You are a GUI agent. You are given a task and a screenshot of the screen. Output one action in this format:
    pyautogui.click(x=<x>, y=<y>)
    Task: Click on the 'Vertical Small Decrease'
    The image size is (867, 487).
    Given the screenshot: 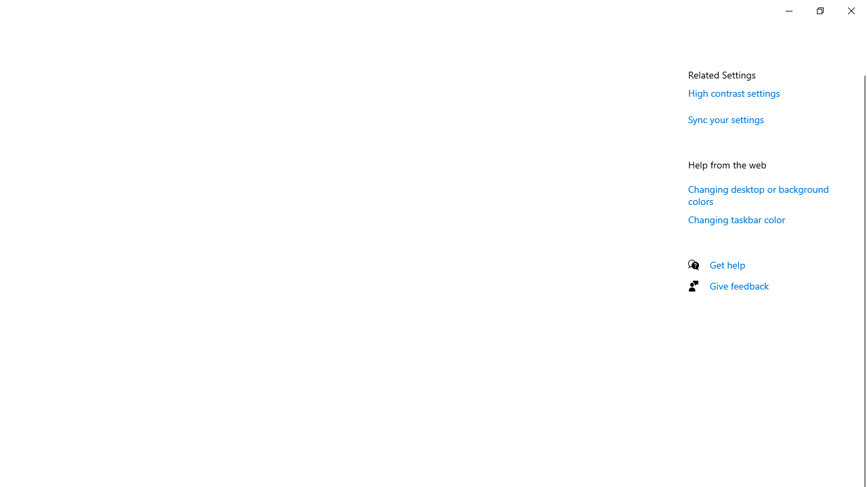 What is the action you would take?
    pyautogui.click(x=861, y=70)
    